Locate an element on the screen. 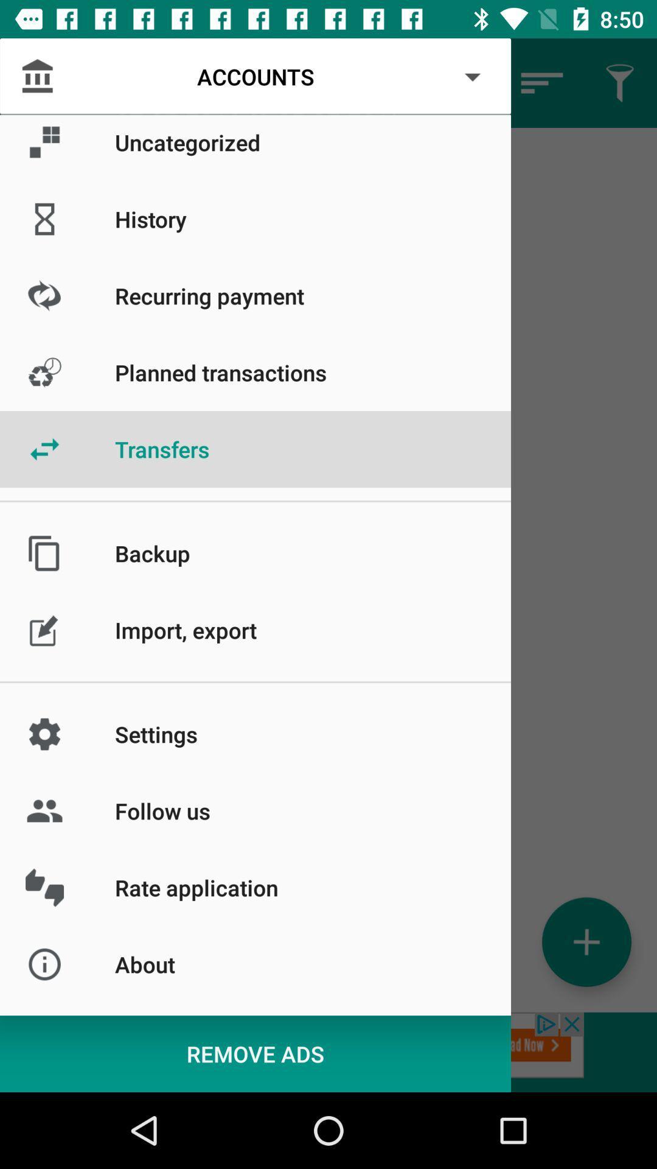 The width and height of the screenshot is (657, 1169). the add icon is located at coordinates (586, 941).